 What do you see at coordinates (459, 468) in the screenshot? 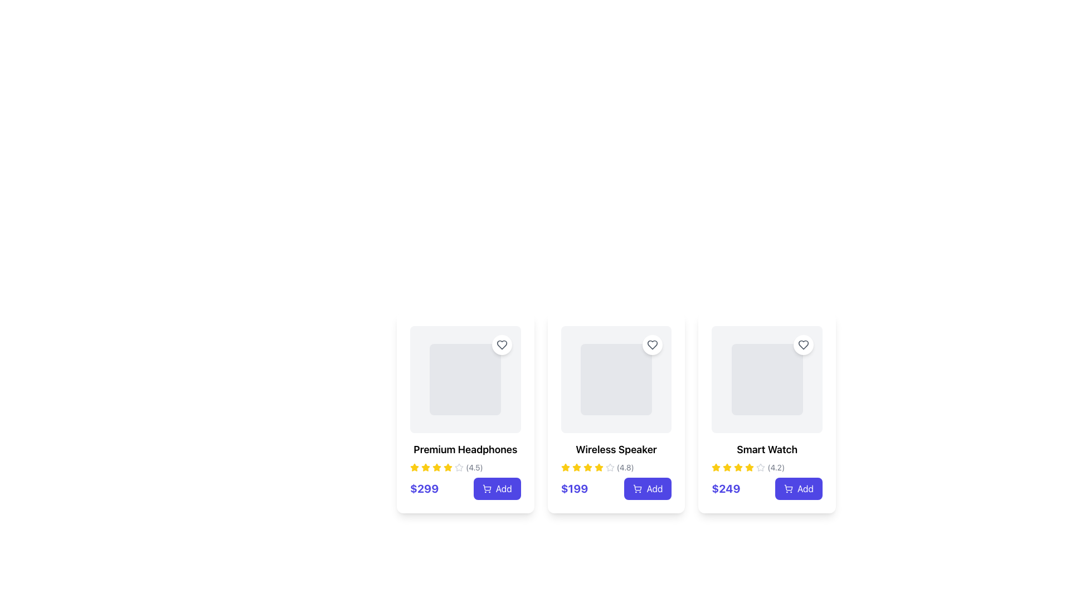
I see `the sixth star icon in the rating system for the 'Premium Headphones' product, which indicates an unselected rating increment` at bounding box center [459, 468].